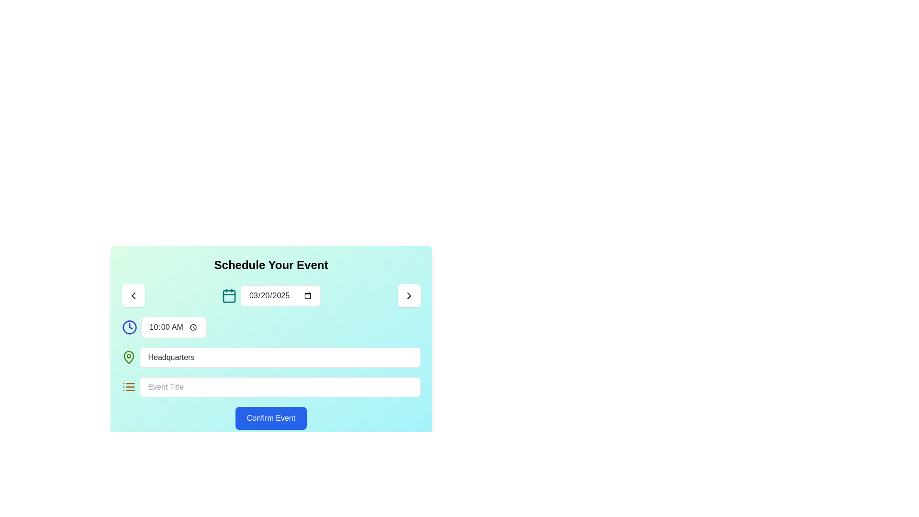 The width and height of the screenshot is (919, 517). I want to click on the time icon located in the upper-left corner of the time input section of the scheduling module, so click(129, 326).